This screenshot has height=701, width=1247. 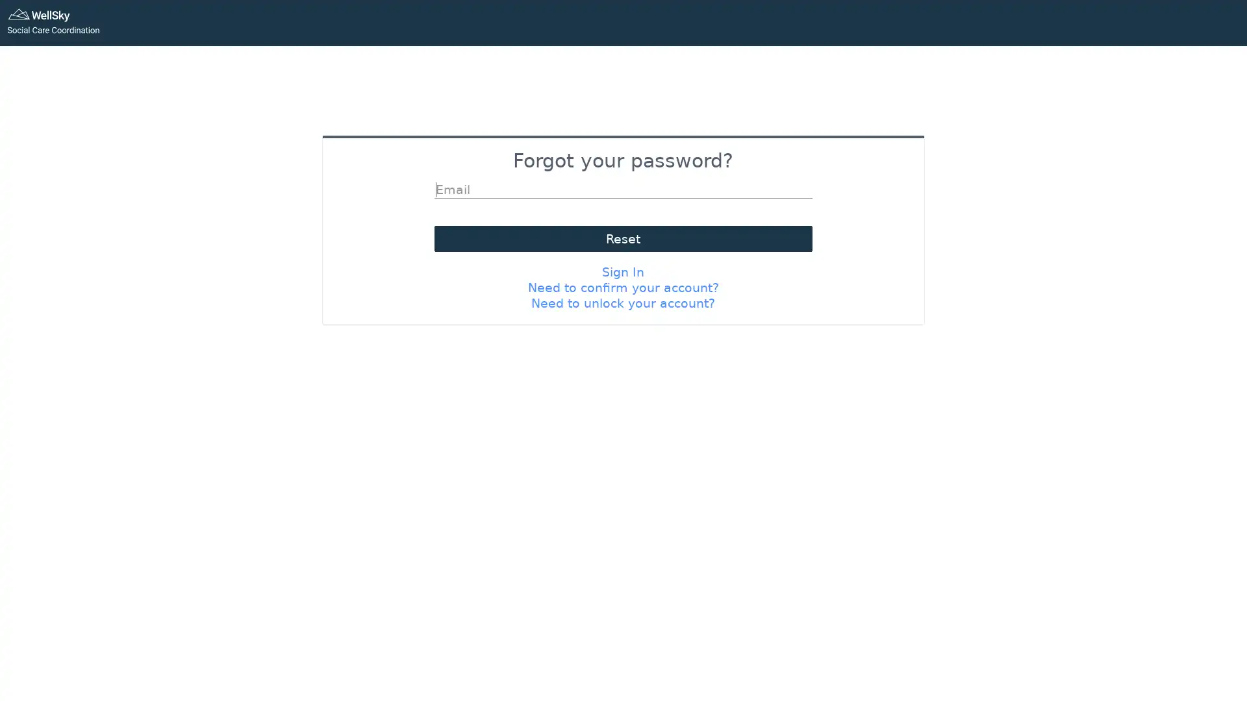 What do you see at coordinates (622, 238) in the screenshot?
I see `Reset` at bounding box center [622, 238].